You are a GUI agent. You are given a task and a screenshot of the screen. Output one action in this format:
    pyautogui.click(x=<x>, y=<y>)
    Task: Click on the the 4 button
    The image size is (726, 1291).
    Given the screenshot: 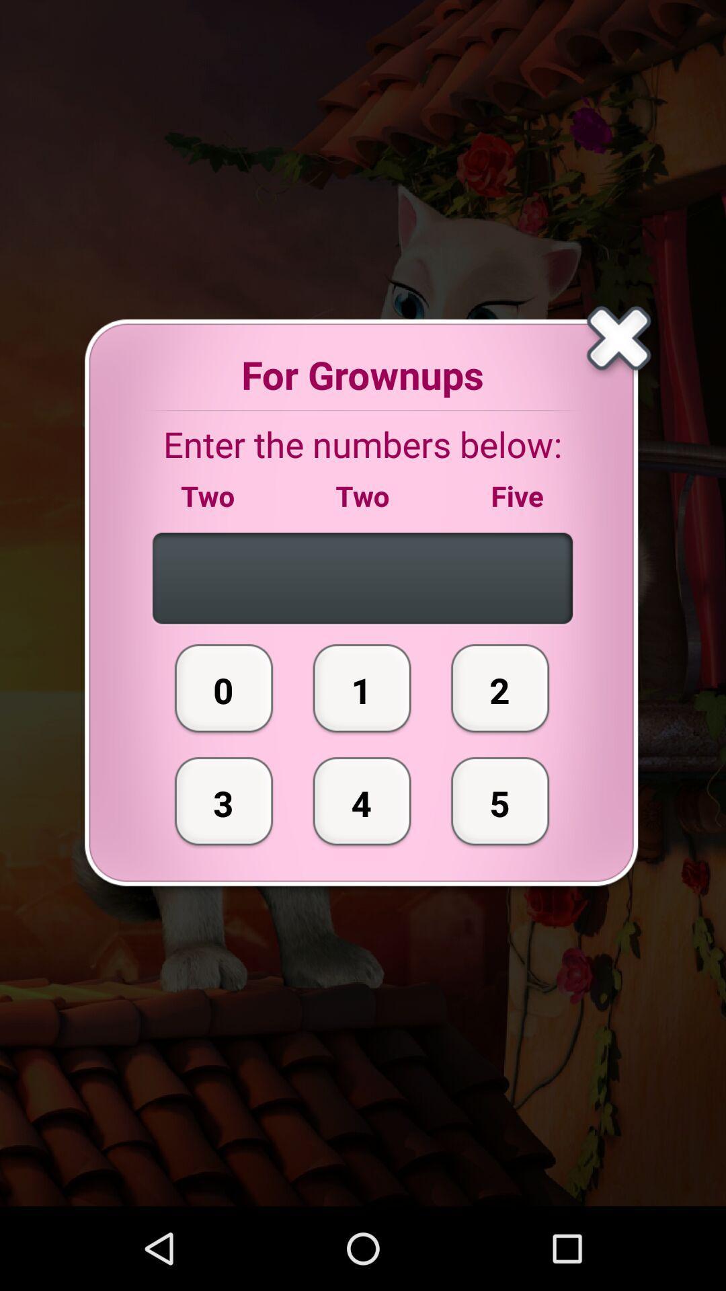 What is the action you would take?
    pyautogui.click(x=362, y=801)
    